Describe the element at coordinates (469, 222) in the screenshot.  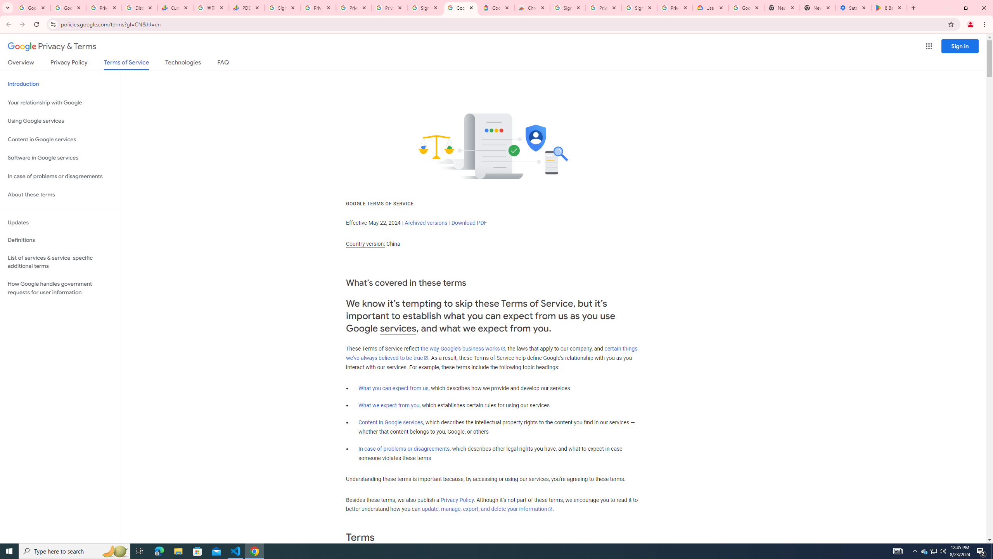
I see `'Download PDF'` at that location.